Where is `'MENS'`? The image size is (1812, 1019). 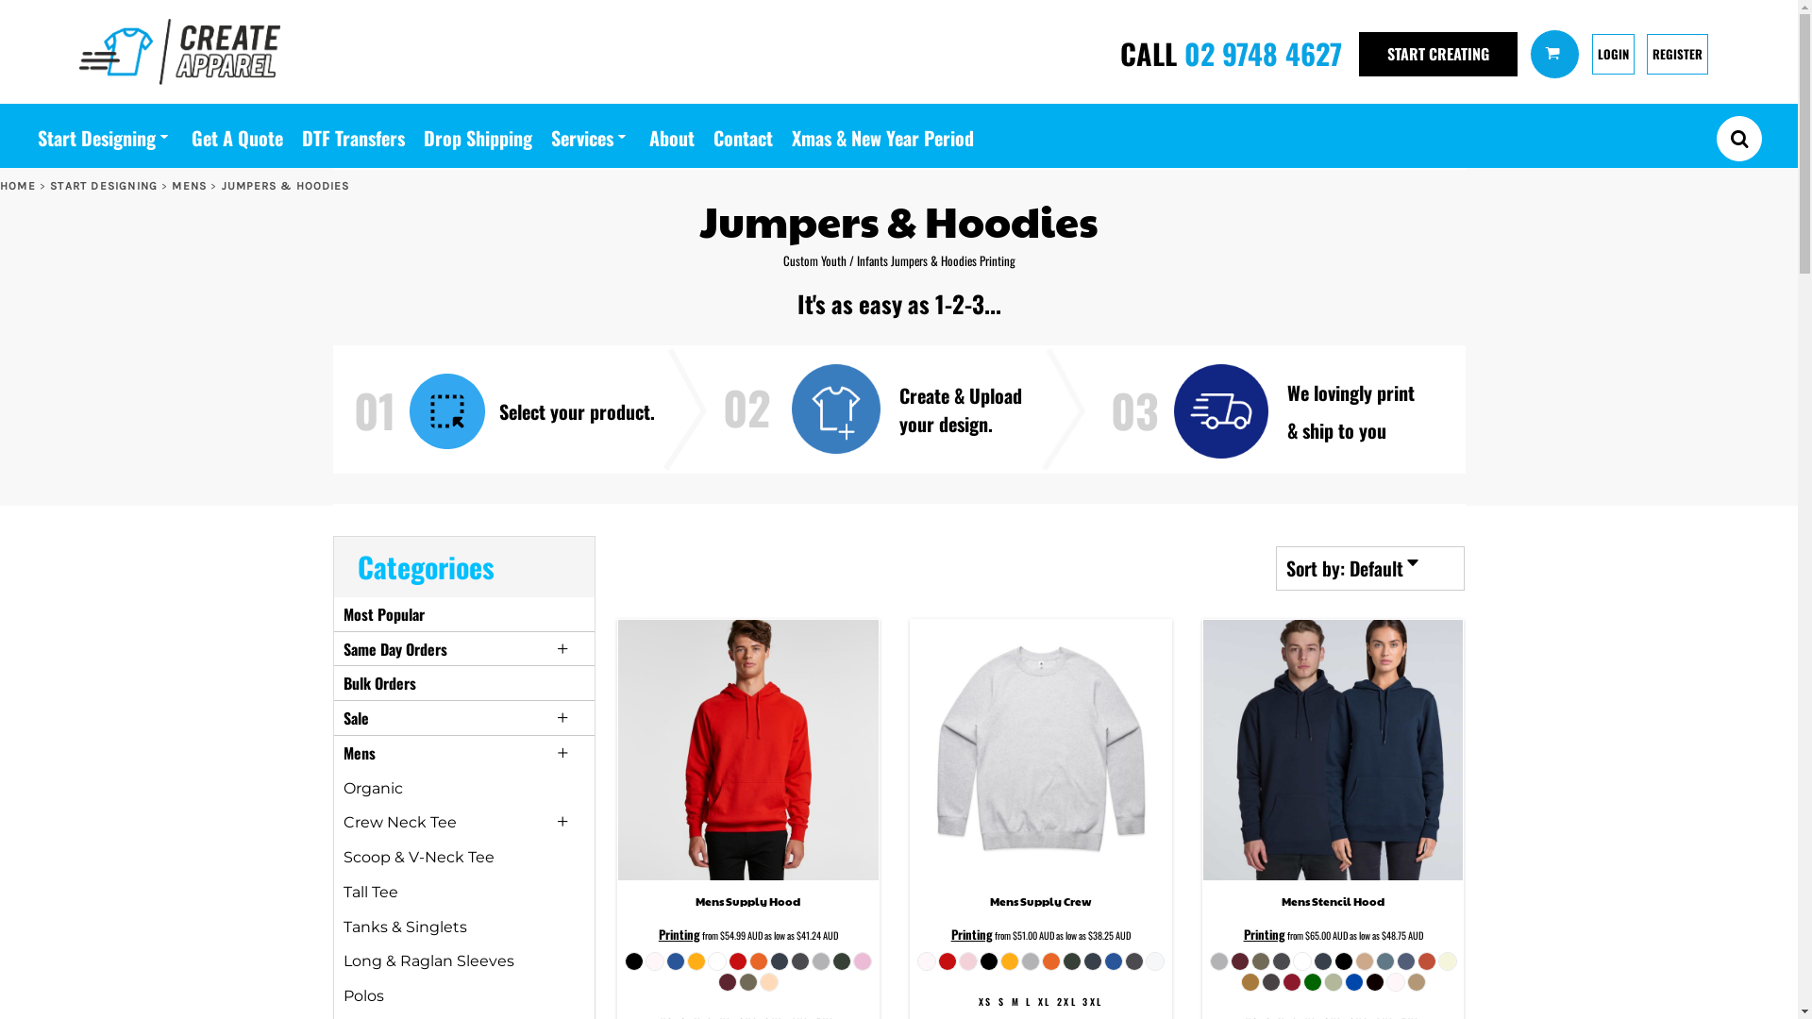
'MENS' is located at coordinates (172, 185).